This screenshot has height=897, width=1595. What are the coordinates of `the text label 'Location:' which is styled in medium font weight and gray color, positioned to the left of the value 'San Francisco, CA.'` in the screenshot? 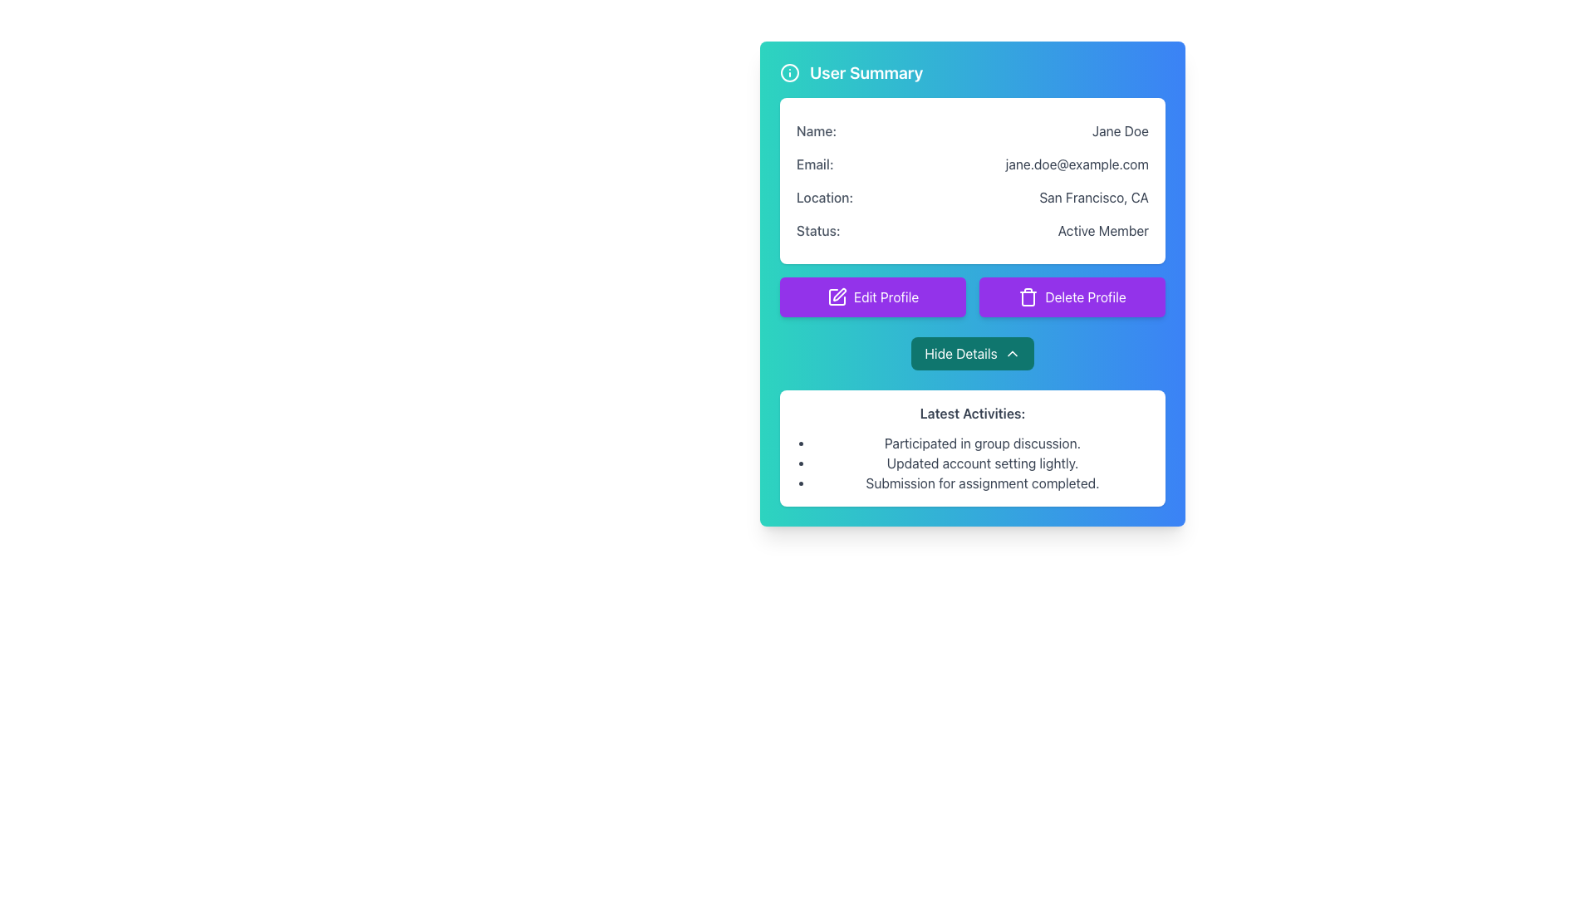 It's located at (825, 197).